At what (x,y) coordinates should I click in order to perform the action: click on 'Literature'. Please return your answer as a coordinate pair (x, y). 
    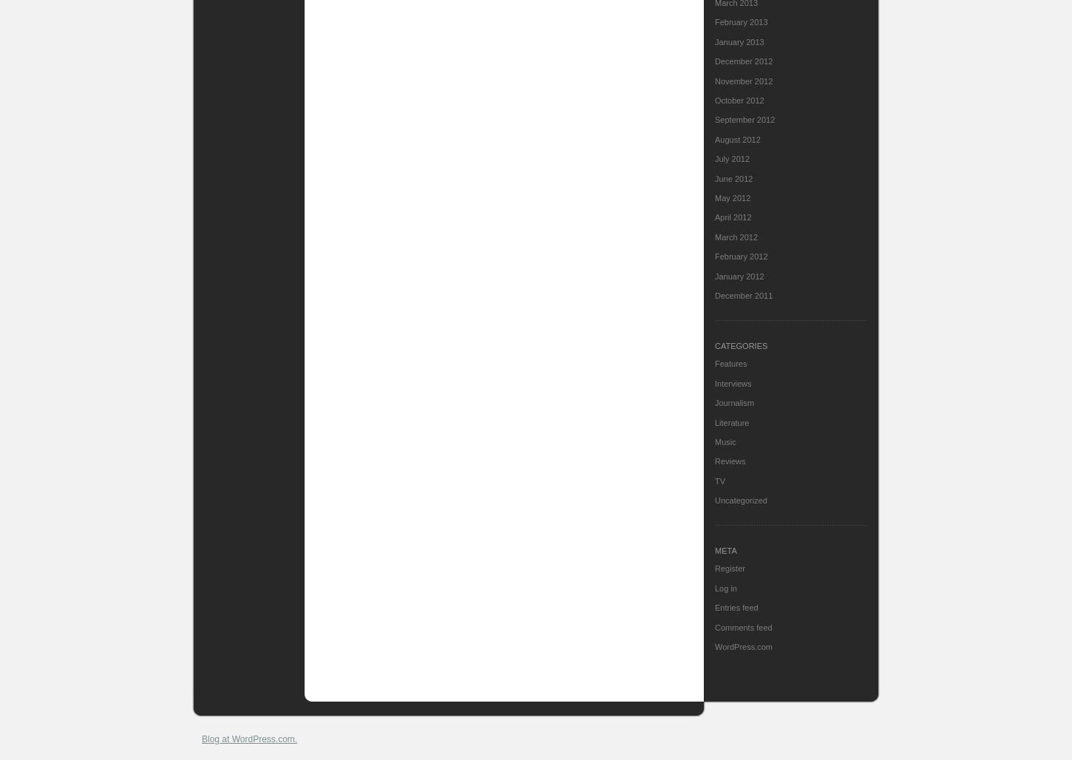
    Looking at the image, I should click on (732, 421).